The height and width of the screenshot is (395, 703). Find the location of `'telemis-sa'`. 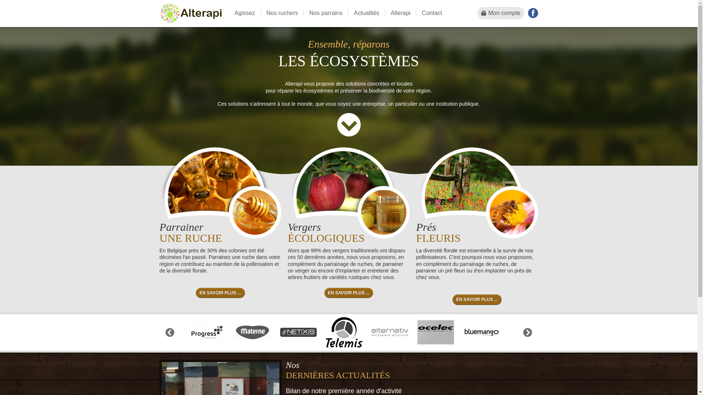

'telemis-sa' is located at coordinates (344, 332).